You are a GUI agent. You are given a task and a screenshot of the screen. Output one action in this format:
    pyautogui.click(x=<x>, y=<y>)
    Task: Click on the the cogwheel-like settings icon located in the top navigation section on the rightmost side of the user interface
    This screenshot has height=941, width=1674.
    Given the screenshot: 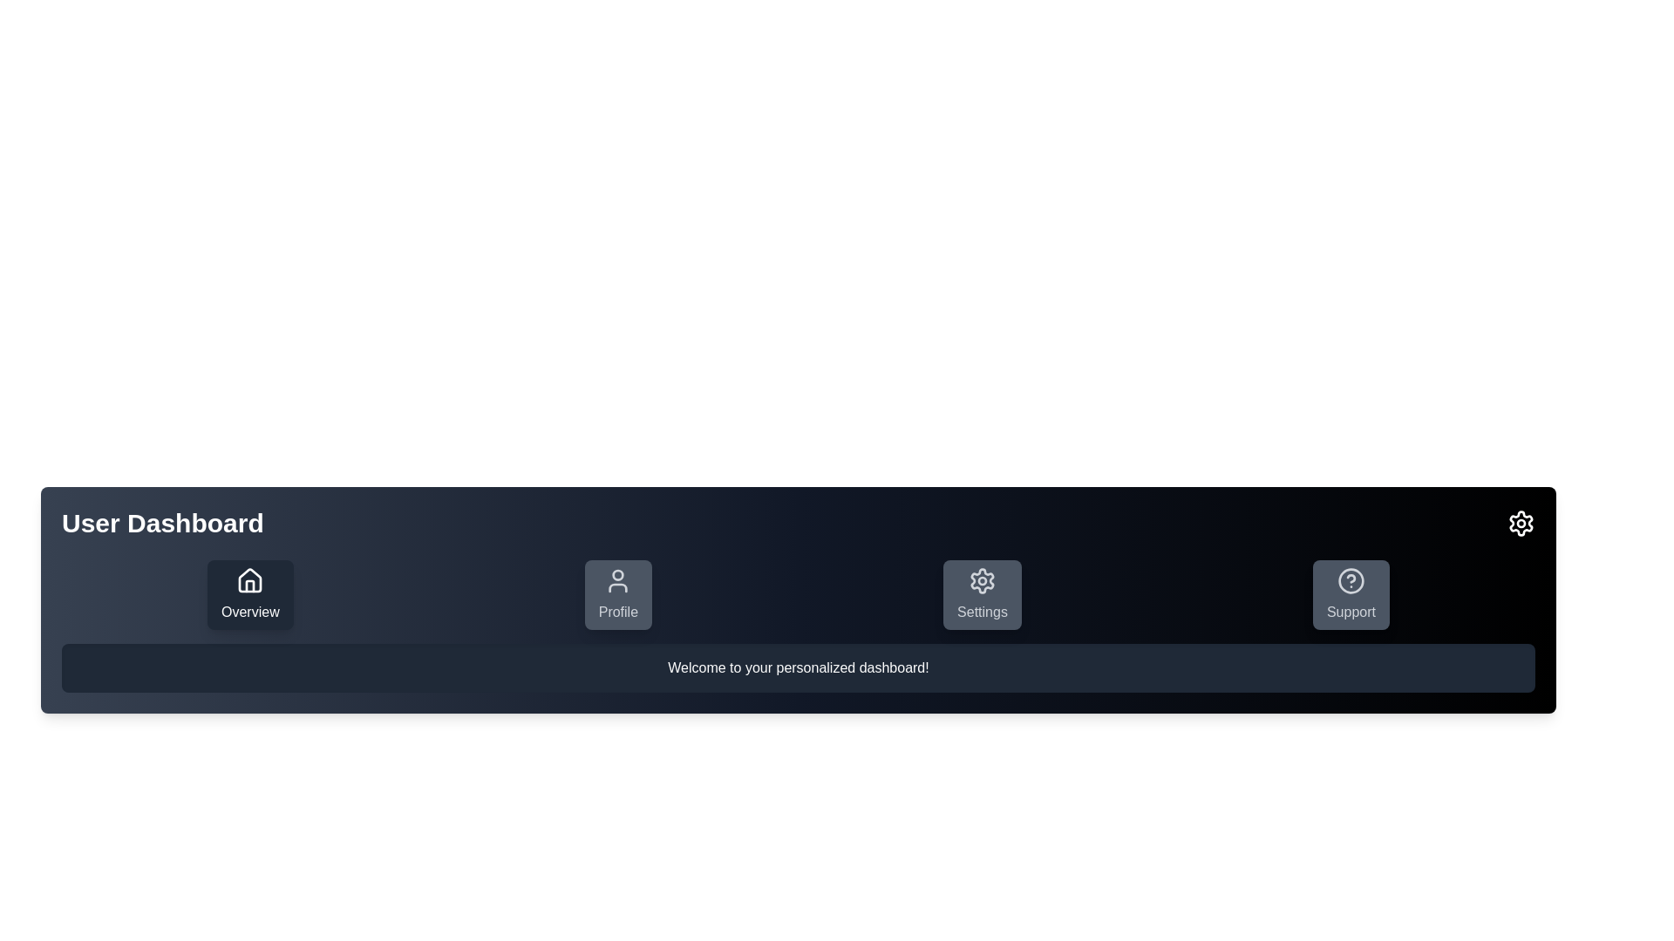 What is the action you would take?
    pyautogui.click(x=1521, y=523)
    